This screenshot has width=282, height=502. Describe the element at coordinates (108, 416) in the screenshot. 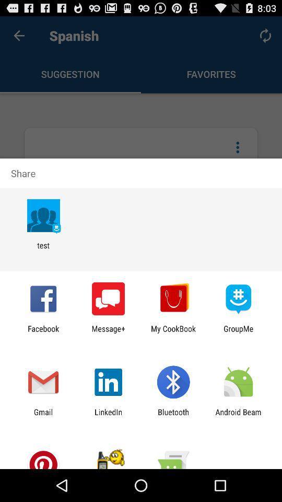

I see `linkedin app` at that location.